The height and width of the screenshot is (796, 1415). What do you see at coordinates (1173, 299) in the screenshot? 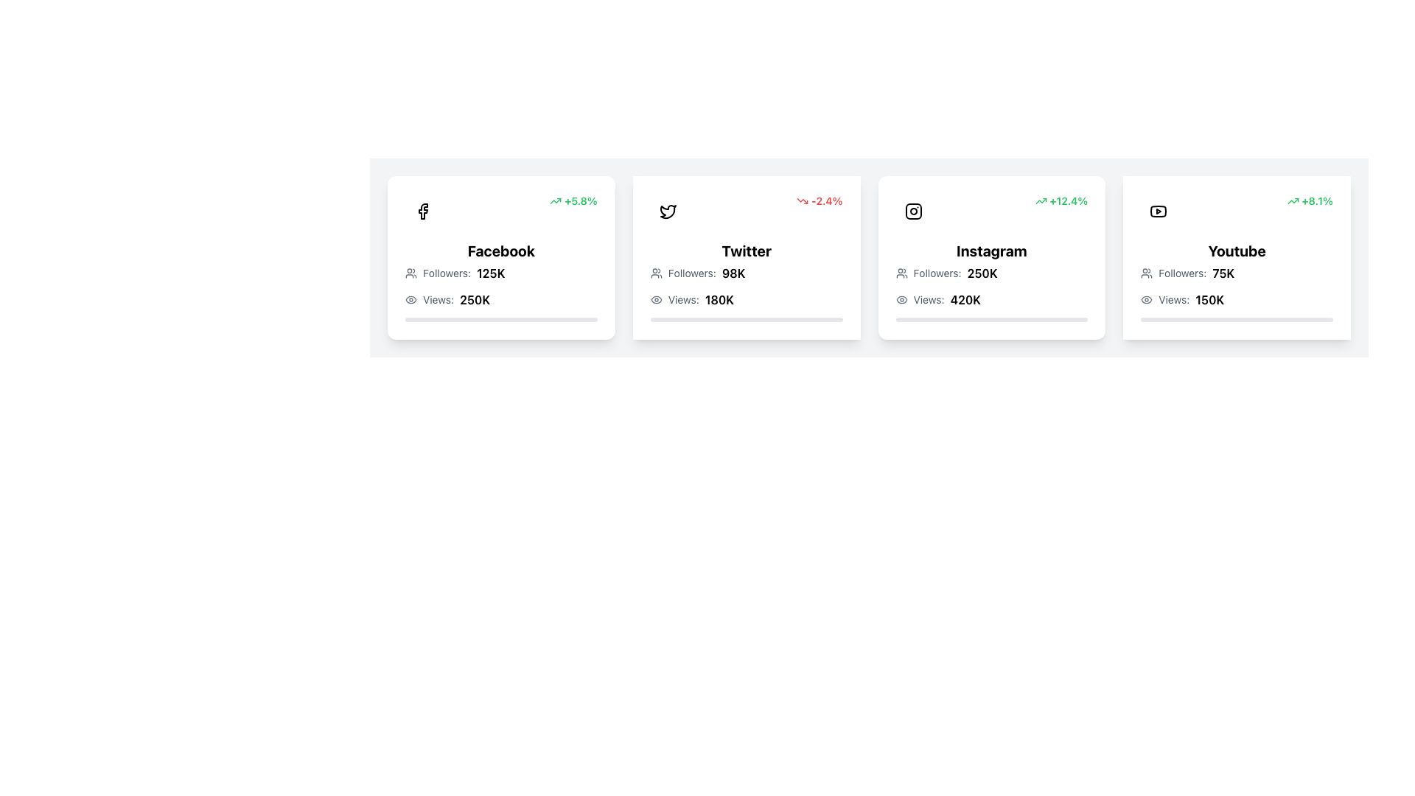
I see `text label displaying 'Views:' positioned to the left of the numeric value '150K' to understand its context` at bounding box center [1173, 299].